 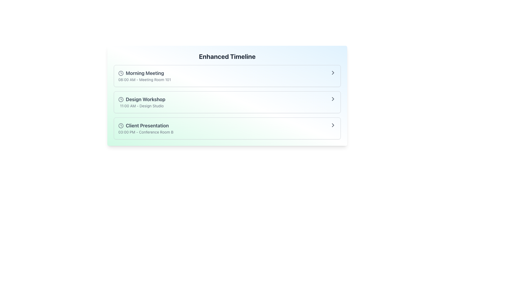 What do you see at coordinates (142, 106) in the screenshot?
I see `text content of the Text Label displaying '11:00 AM - Design Studio', which is located below the 'Design Workshop' item and next to a clock icon` at bounding box center [142, 106].